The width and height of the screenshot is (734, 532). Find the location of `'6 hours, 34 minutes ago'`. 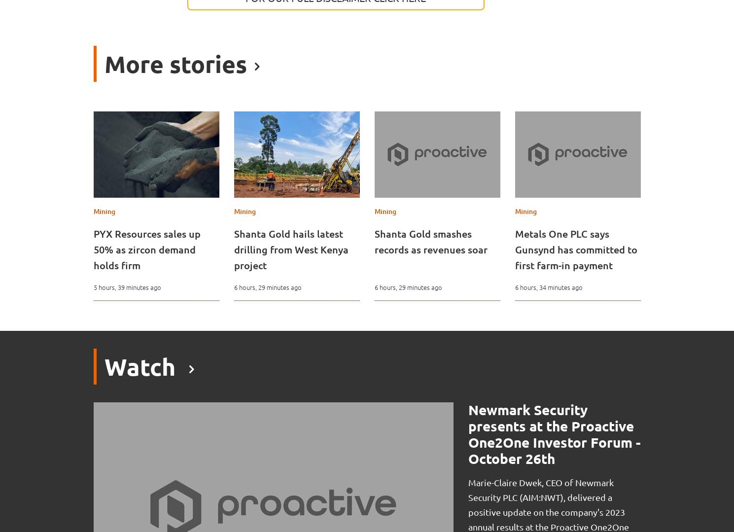

'6 hours, 34 minutes ago' is located at coordinates (548, 287).